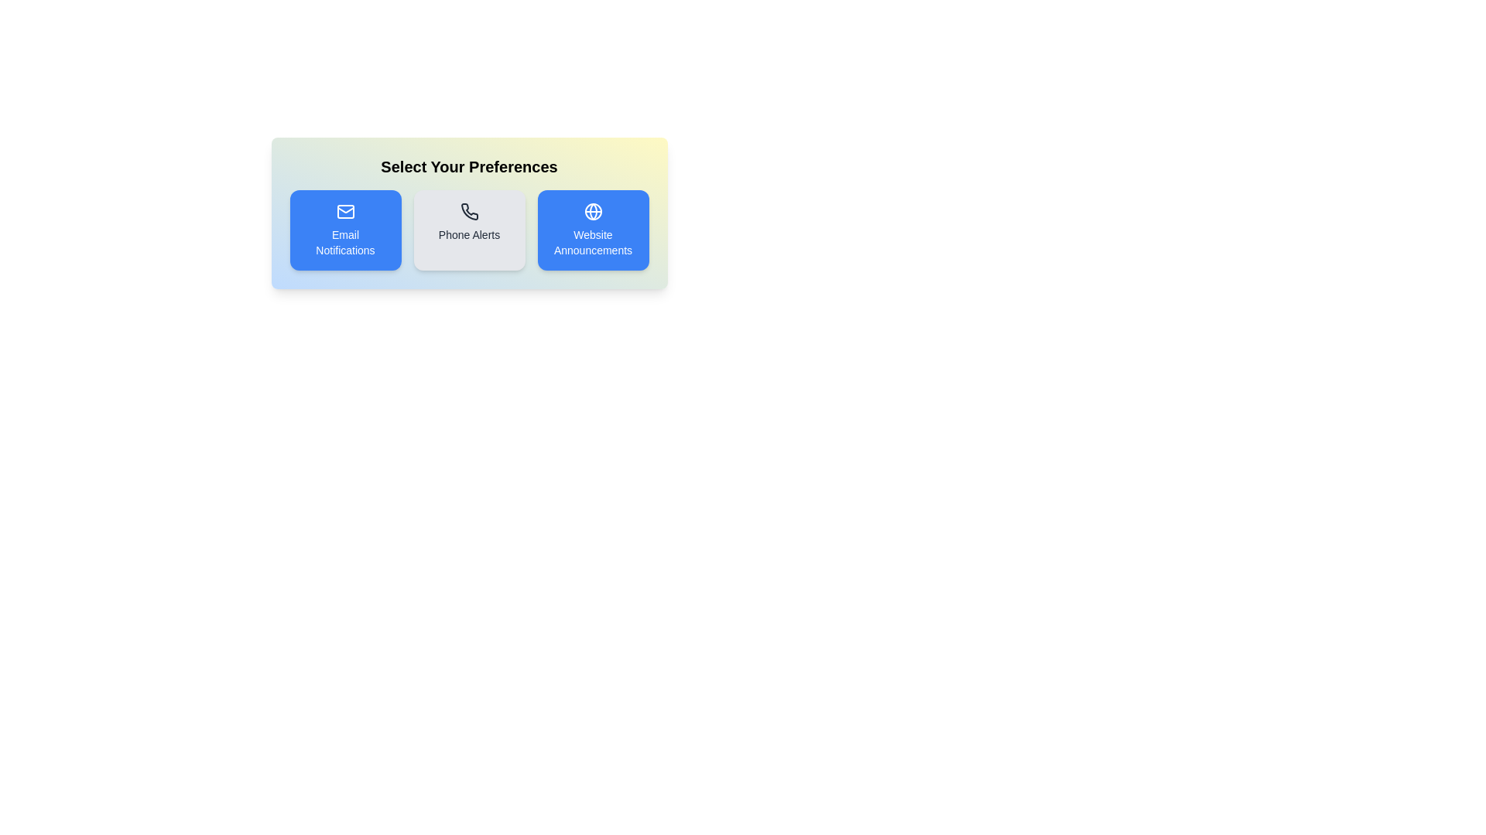 The image size is (1486, 835). I want to click on the 'Website Announcements' option to toggle its selection status, so click(592, 230).